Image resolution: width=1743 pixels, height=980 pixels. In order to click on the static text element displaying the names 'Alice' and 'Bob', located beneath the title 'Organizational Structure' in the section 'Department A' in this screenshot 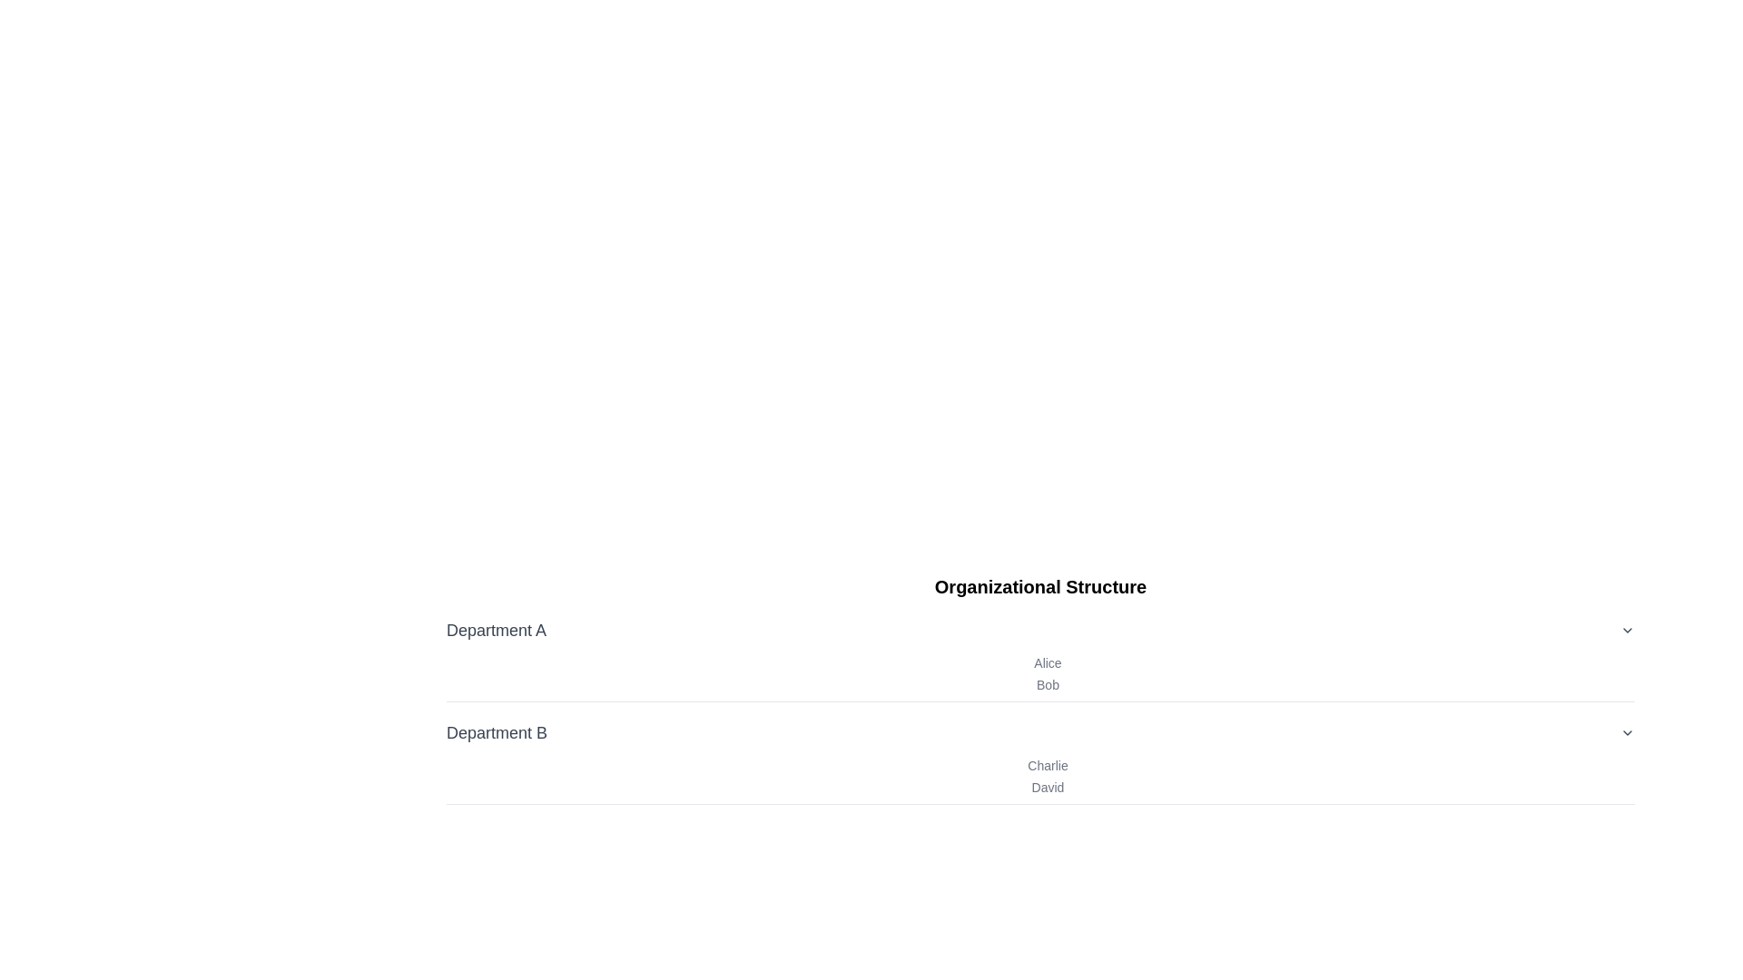, I will do `click(1048, 674)`.